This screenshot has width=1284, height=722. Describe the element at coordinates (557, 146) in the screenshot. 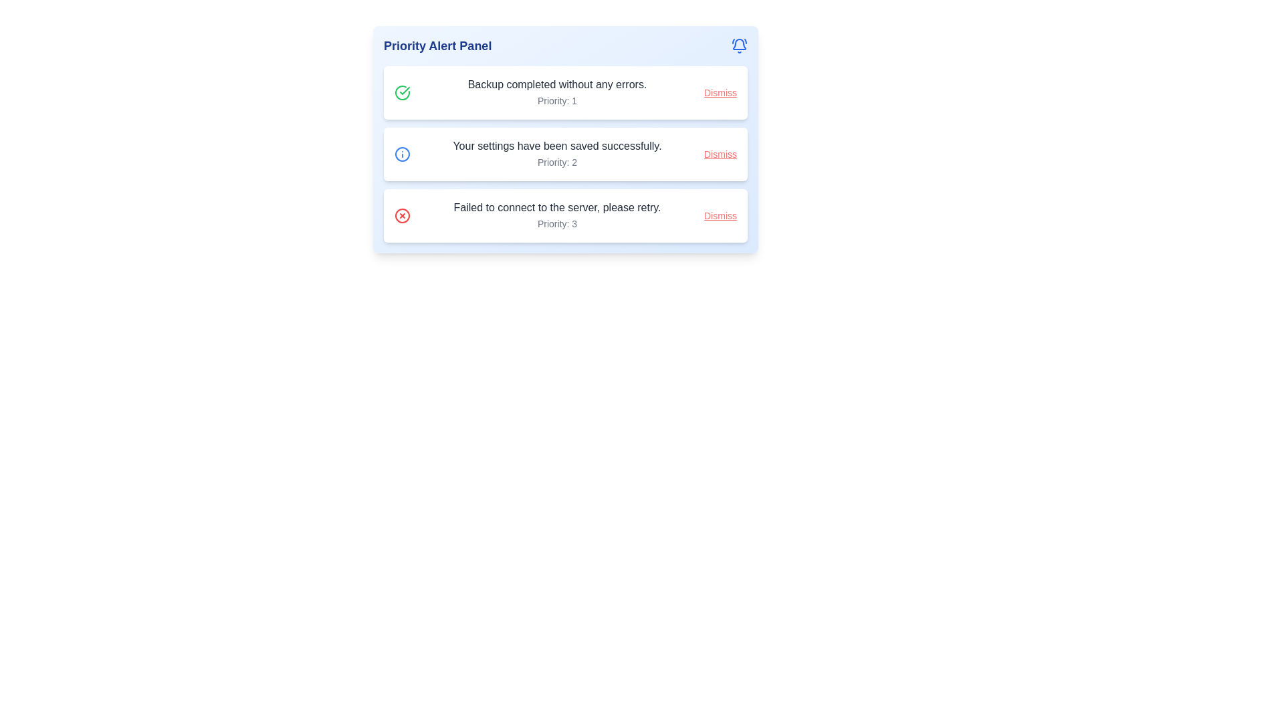

I see `informational text that says 'Your settings have been saved successfully.' displayed in a dark gray font within the alert panel` at that location.